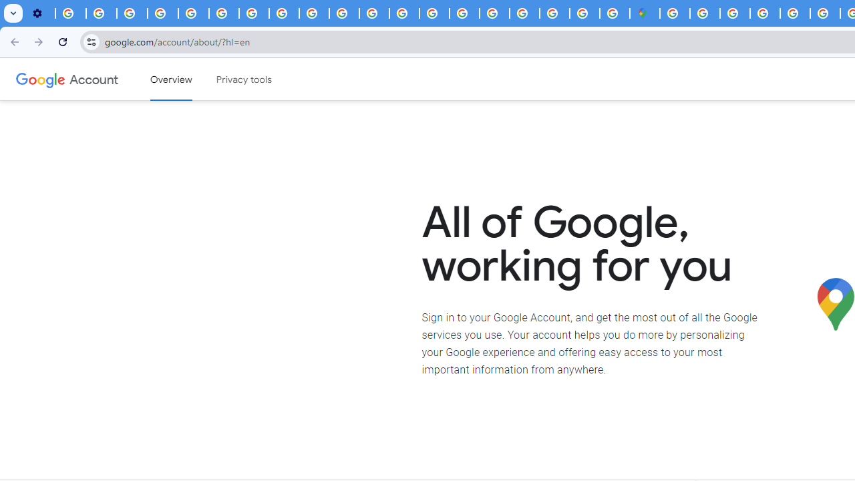  I want to click on 'Sign in - Google Accounts', so click(675, 13).